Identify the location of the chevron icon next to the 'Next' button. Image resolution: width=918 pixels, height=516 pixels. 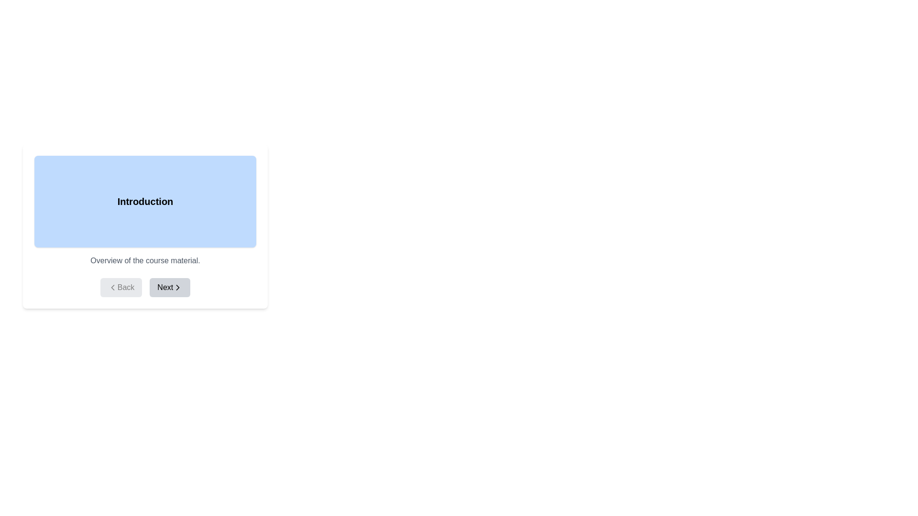
(178, 287).